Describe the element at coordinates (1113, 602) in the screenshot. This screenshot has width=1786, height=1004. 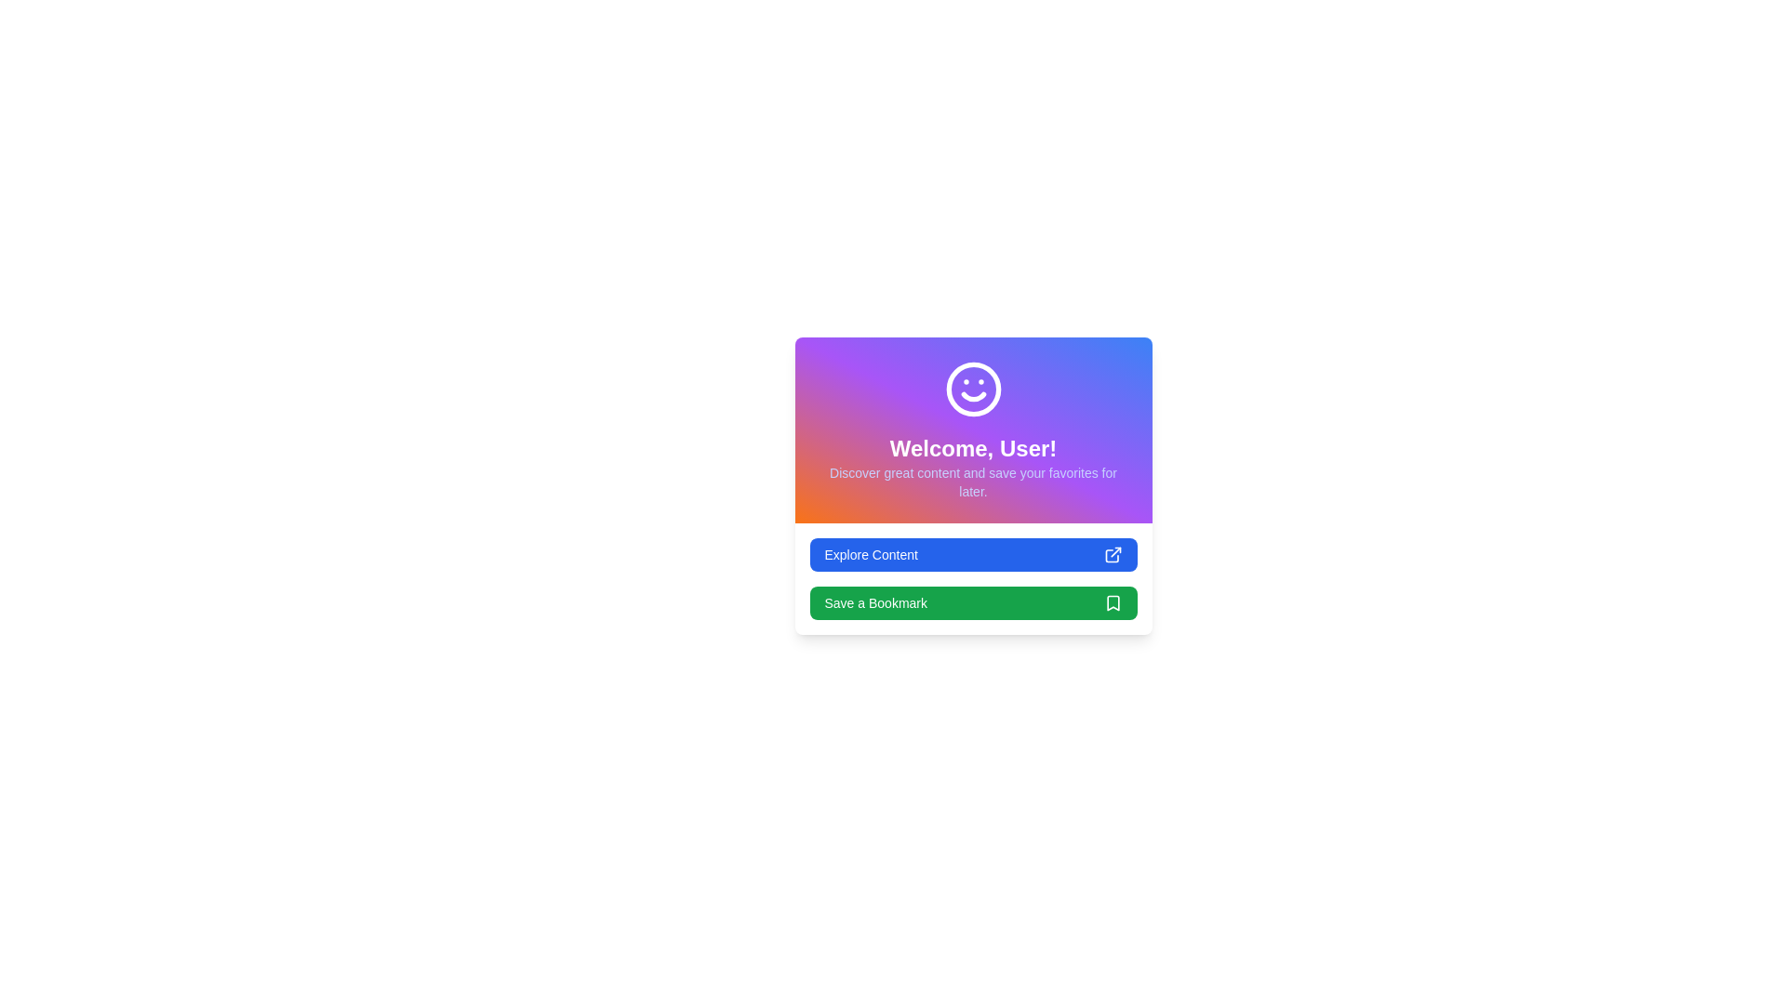
I see `the bookmark icon, which is an outline style graphic resembling a ribbon, located on the right side of the green 'Save a Bookmark' button` at that location.